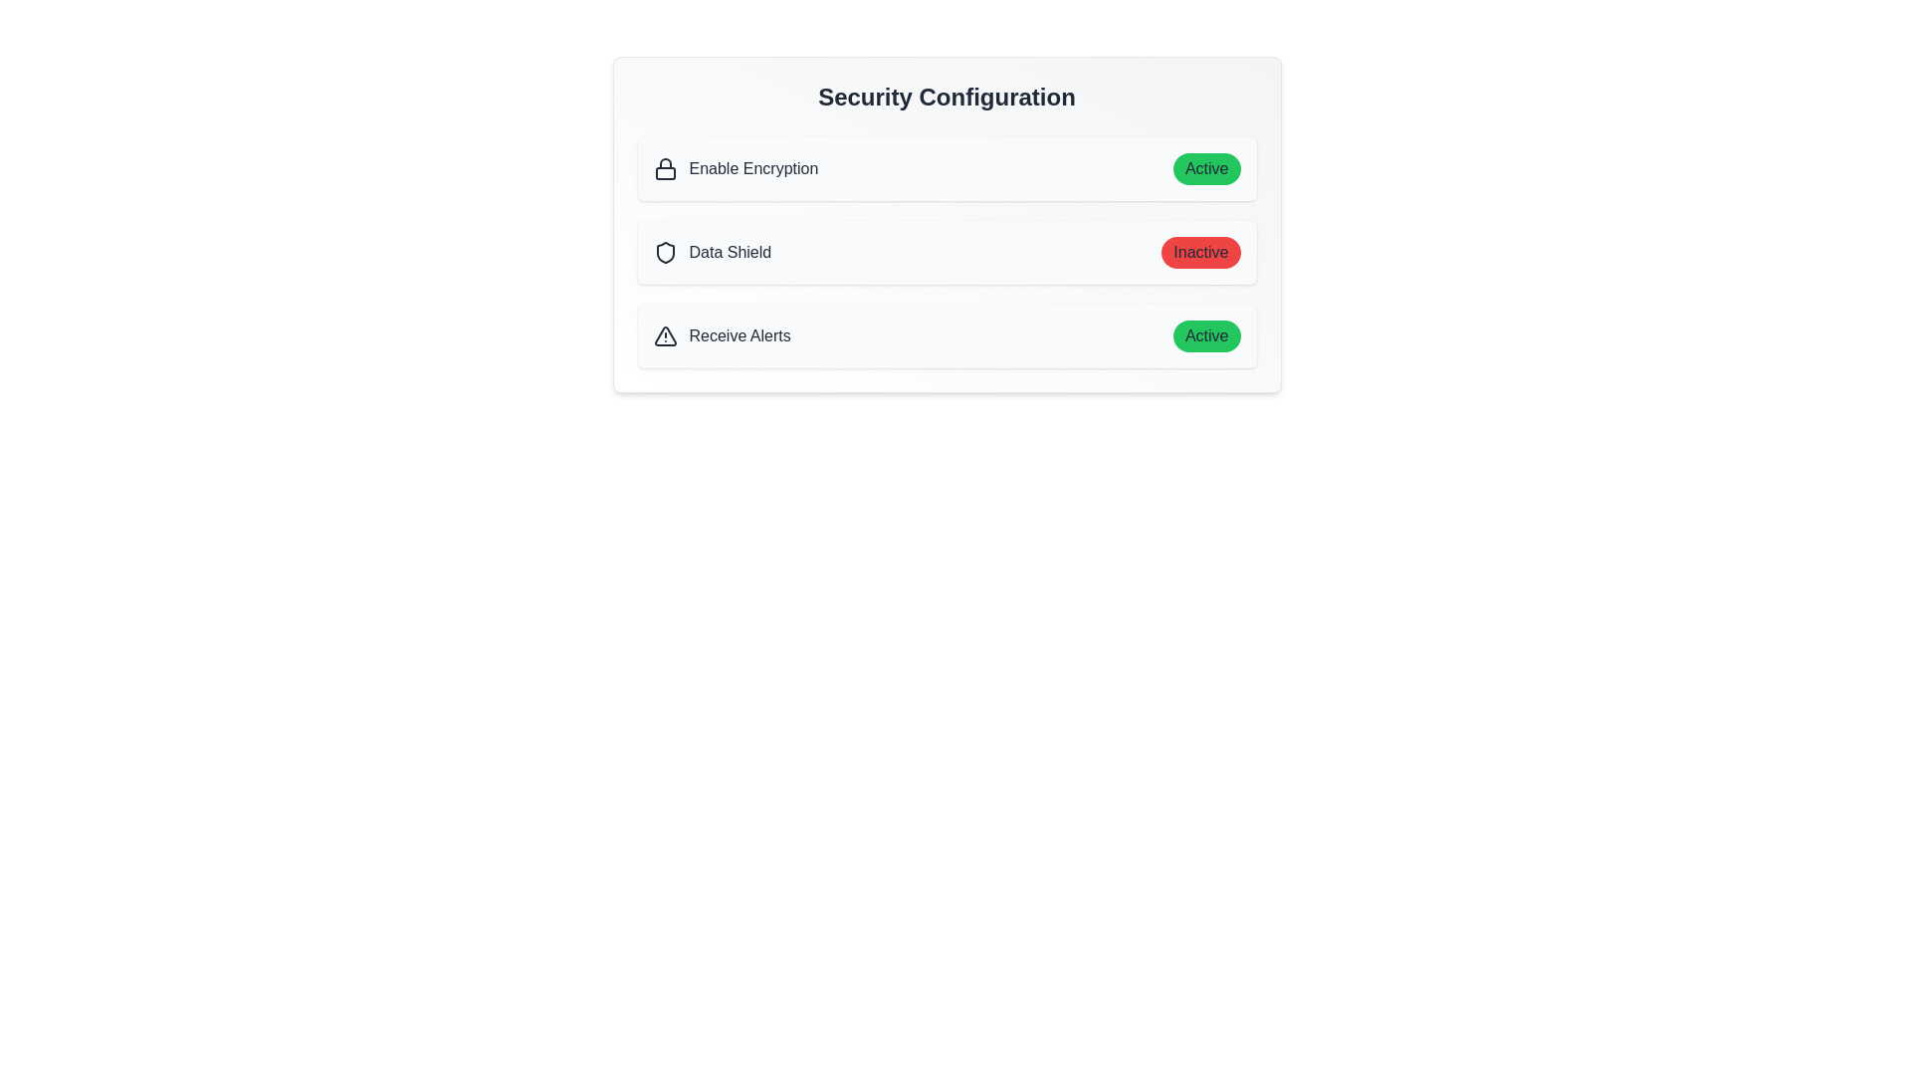 This screenshot has height=1075, width=1911. What do you see at coordinates (946, 167) in the screenshot?
I see `the label text 'Enable Encryption' in the UI status indicator that includes a lock icon and a green 'Active' badge` at bounding box center [946, 167].